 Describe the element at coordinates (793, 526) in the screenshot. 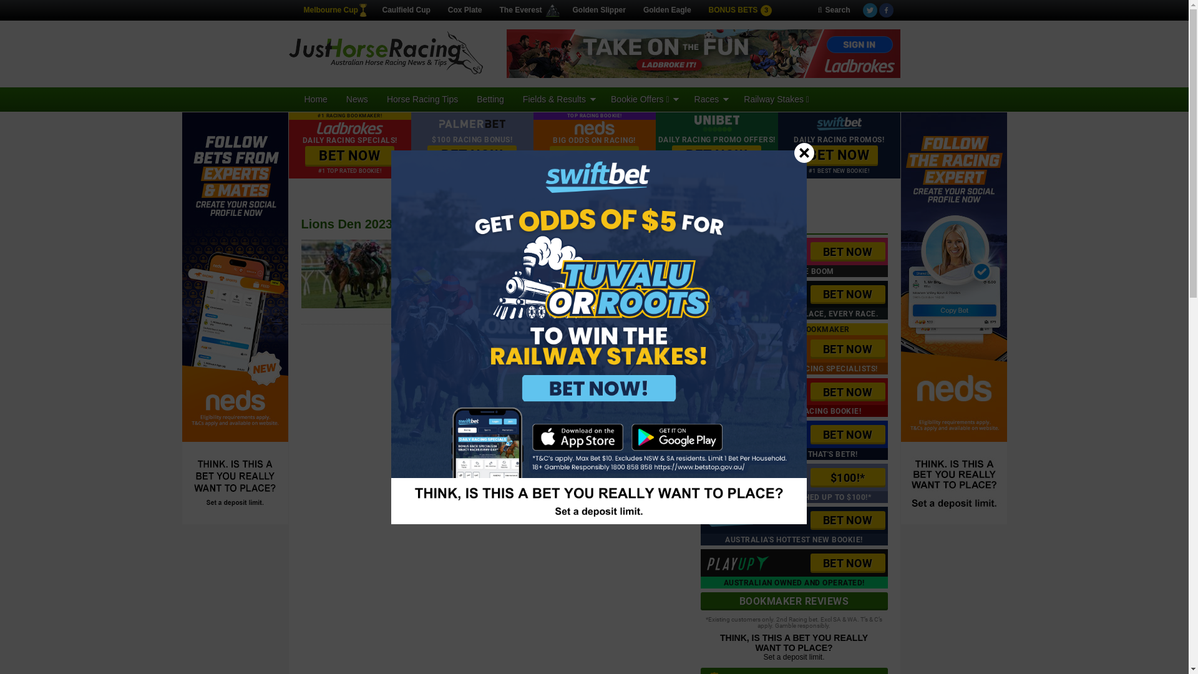

I see `'BET NOW` at that location.